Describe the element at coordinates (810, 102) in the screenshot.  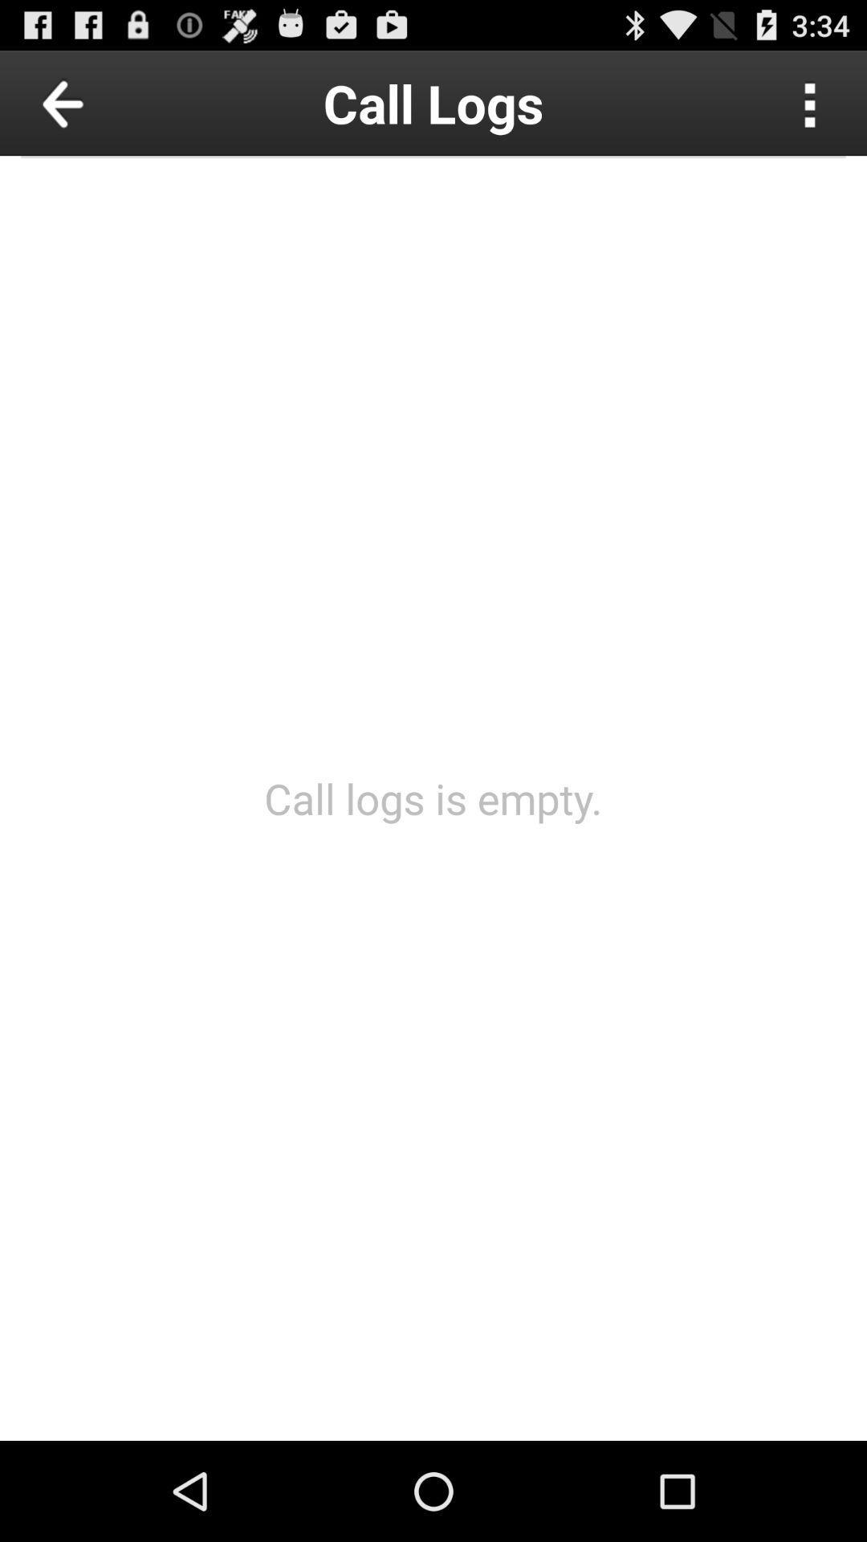
I see `choose more options` at that location.